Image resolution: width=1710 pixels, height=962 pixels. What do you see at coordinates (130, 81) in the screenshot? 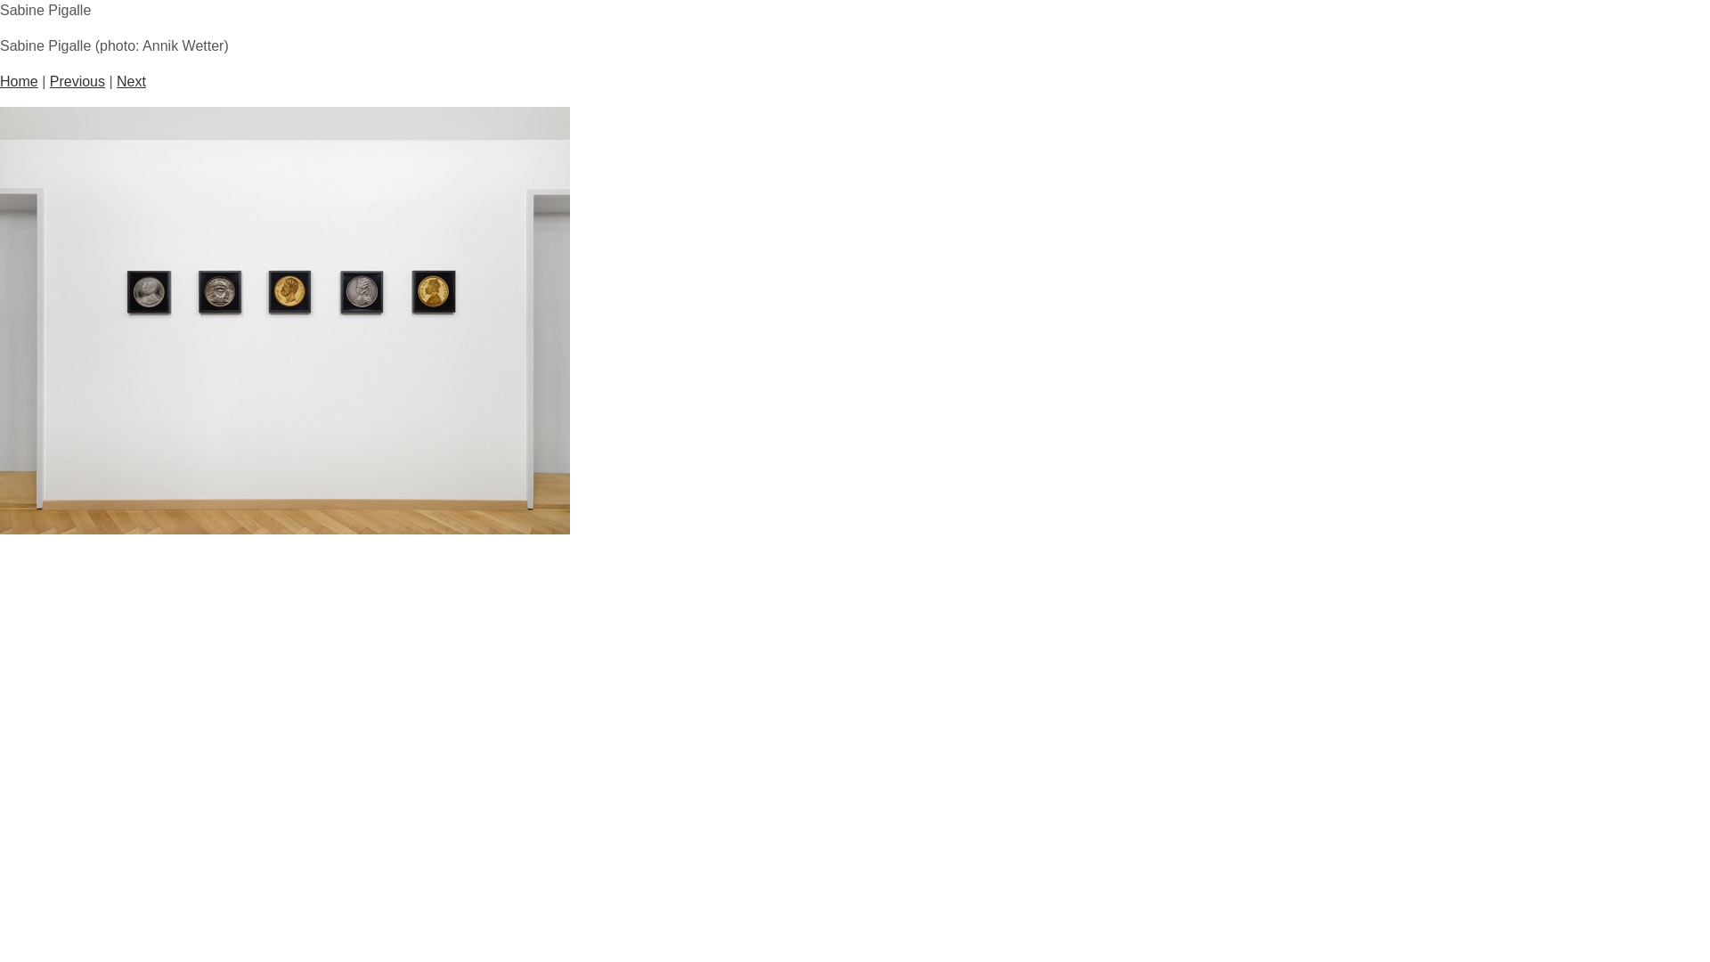
I see `'Next'` at bounding box center [130, 81].